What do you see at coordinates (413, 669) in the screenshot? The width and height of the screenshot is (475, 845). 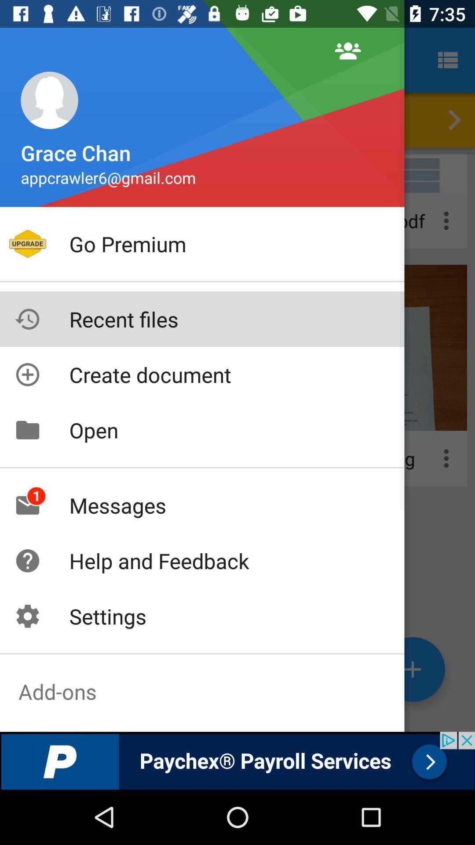 I see `the add icon` at bounding box center [413, 669].